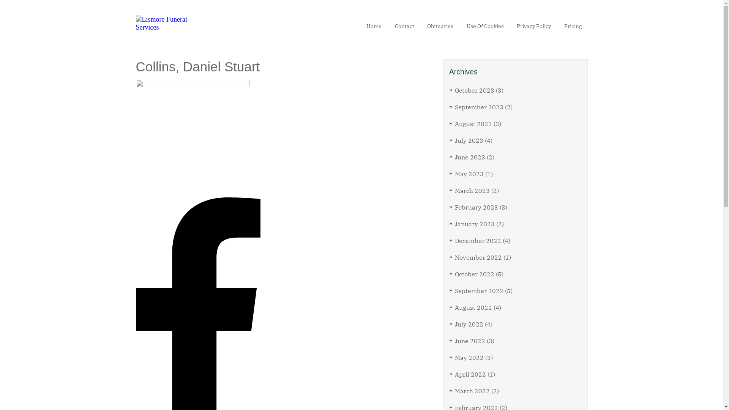 The image size is (729, 410). I want to click on 'June 2023', so click(470, 156).